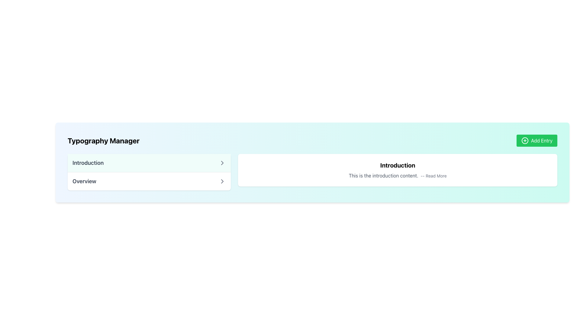  I want to click on the addition icon inside the 'Add Entry' button located at the top-right corner of the interface, so click(524, 141).